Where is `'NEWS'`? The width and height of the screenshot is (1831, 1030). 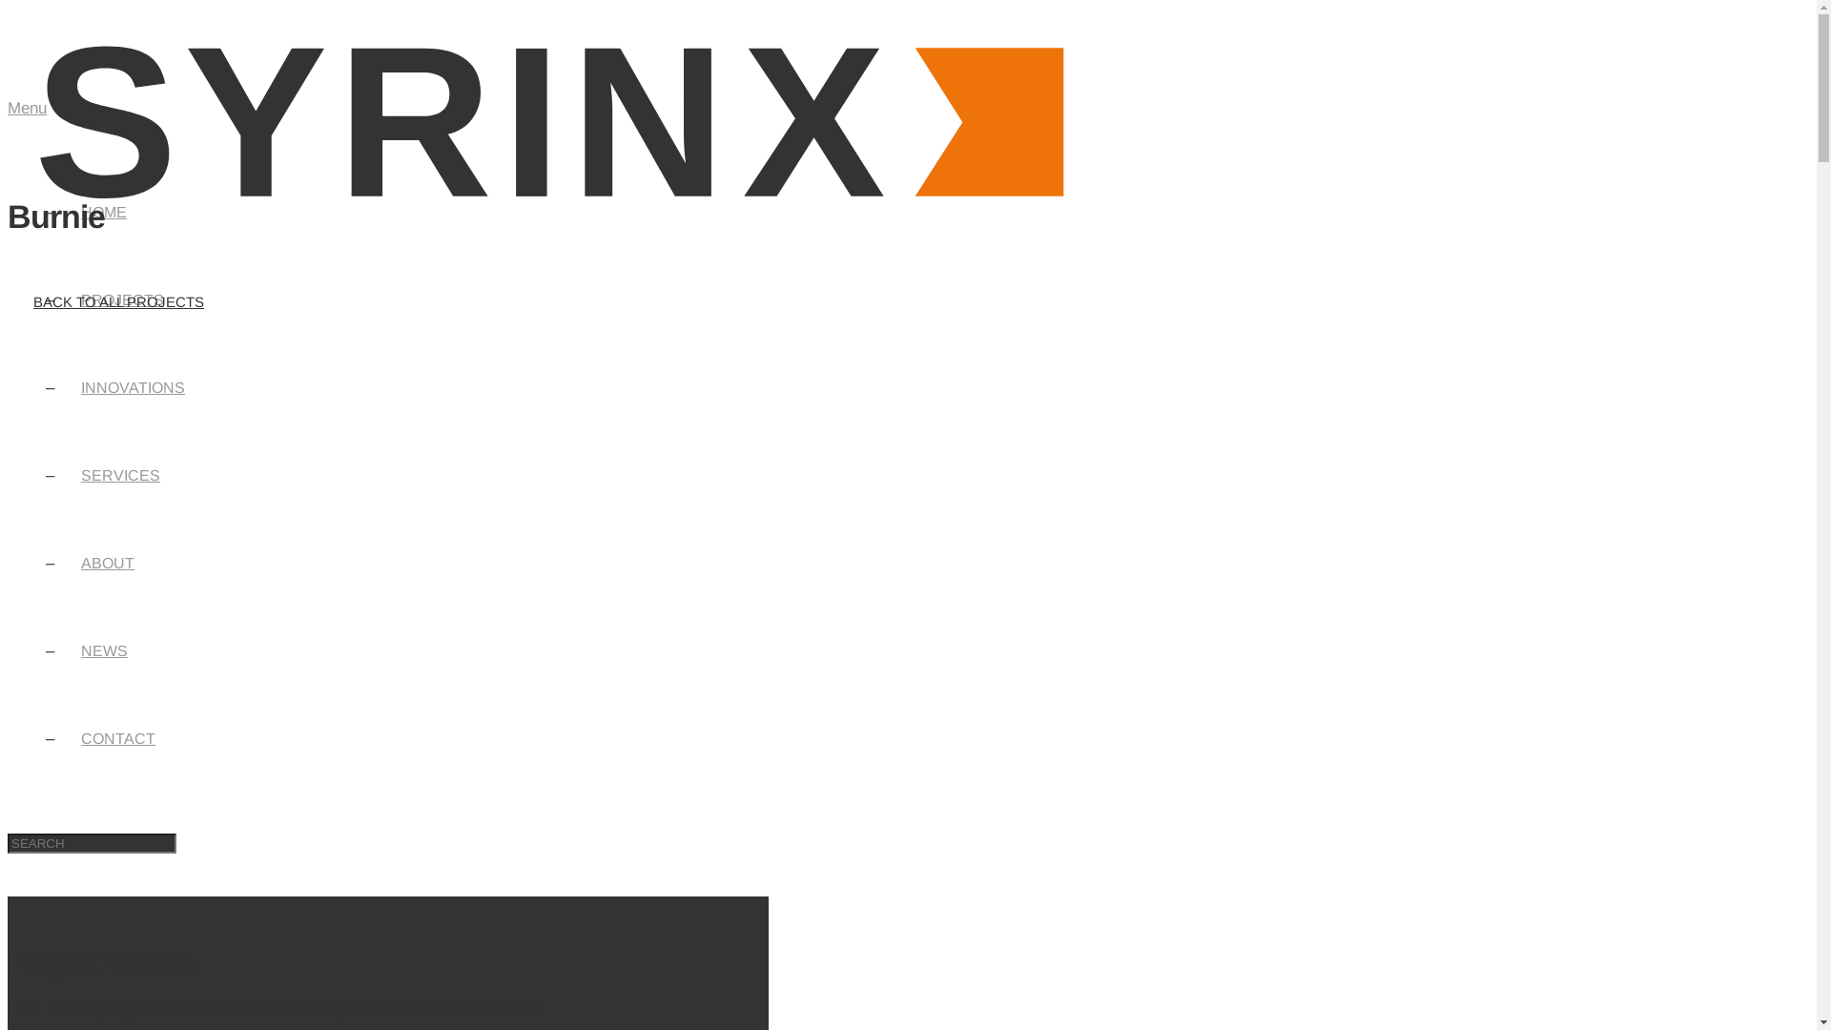 'NEWS' is located at coordinates (103, 649).